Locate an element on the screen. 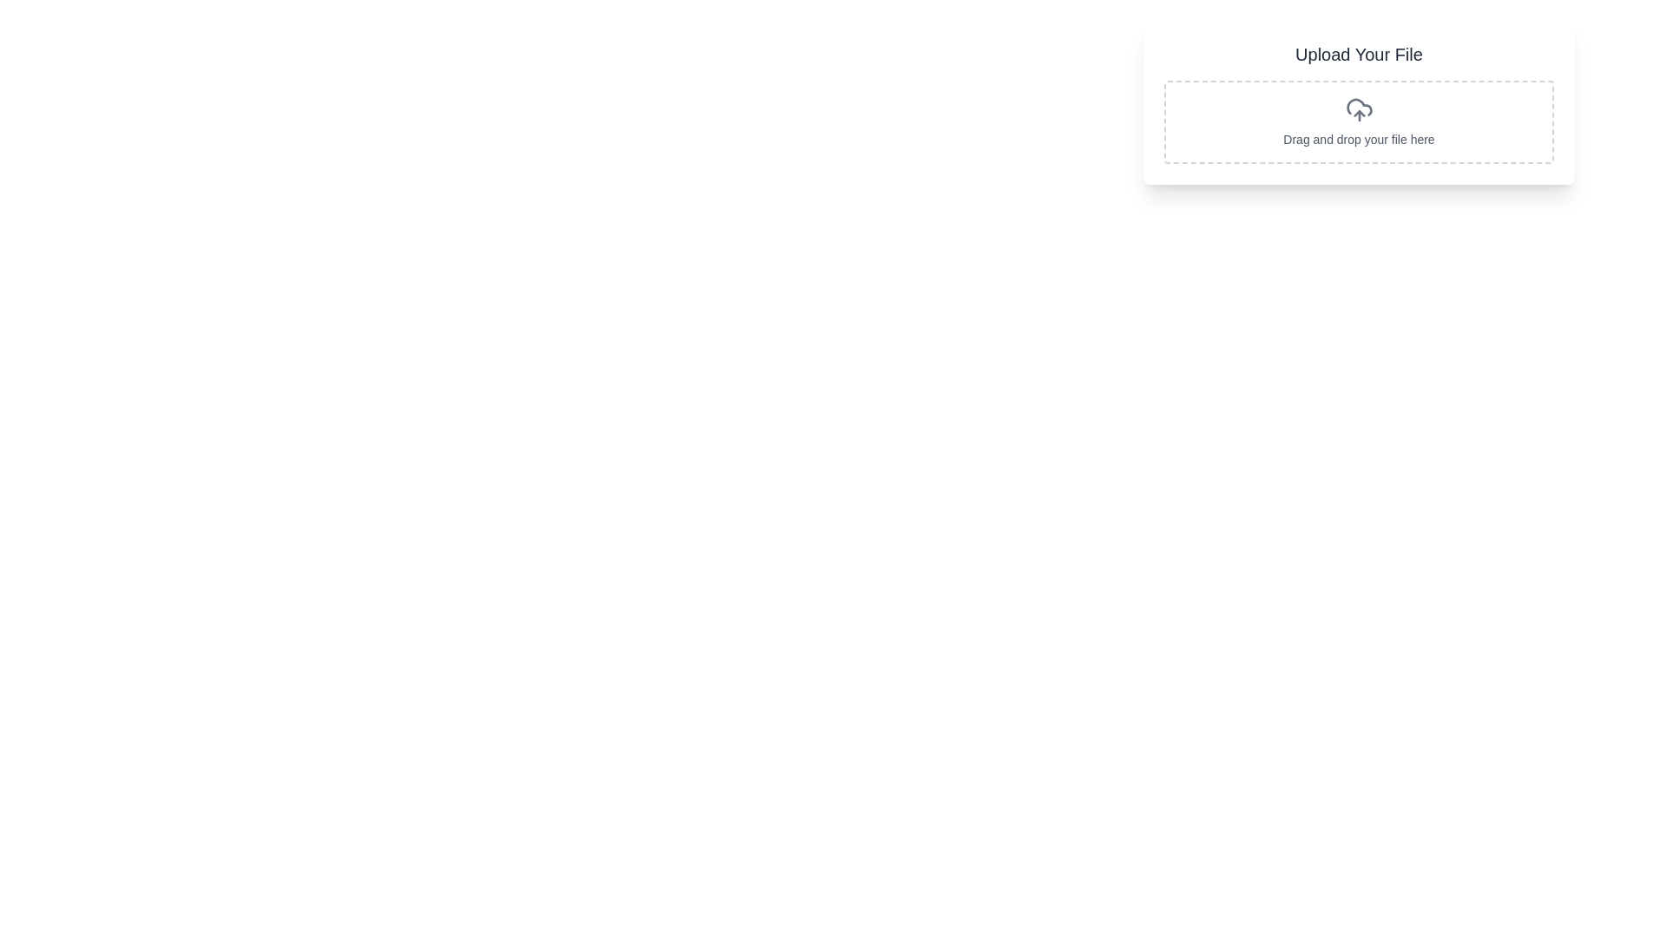 This screenshot has width=1667, height=937. the cloud outline portion of the cloud upload icon within the SVG graphic is located at coordinates (1358, 107).